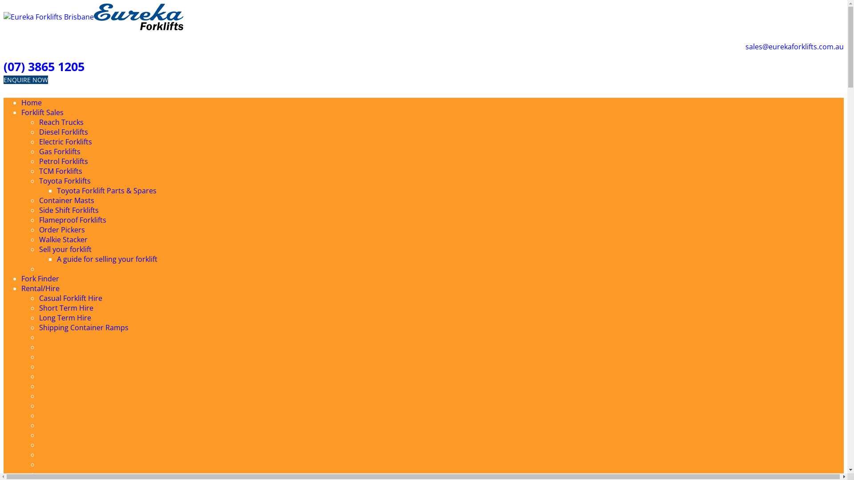 This screenshot has height=480, width=854. Describe the element at coordinates (38, 298) in the screenshot. I see `'Casual Forklift Hire'` at that location.